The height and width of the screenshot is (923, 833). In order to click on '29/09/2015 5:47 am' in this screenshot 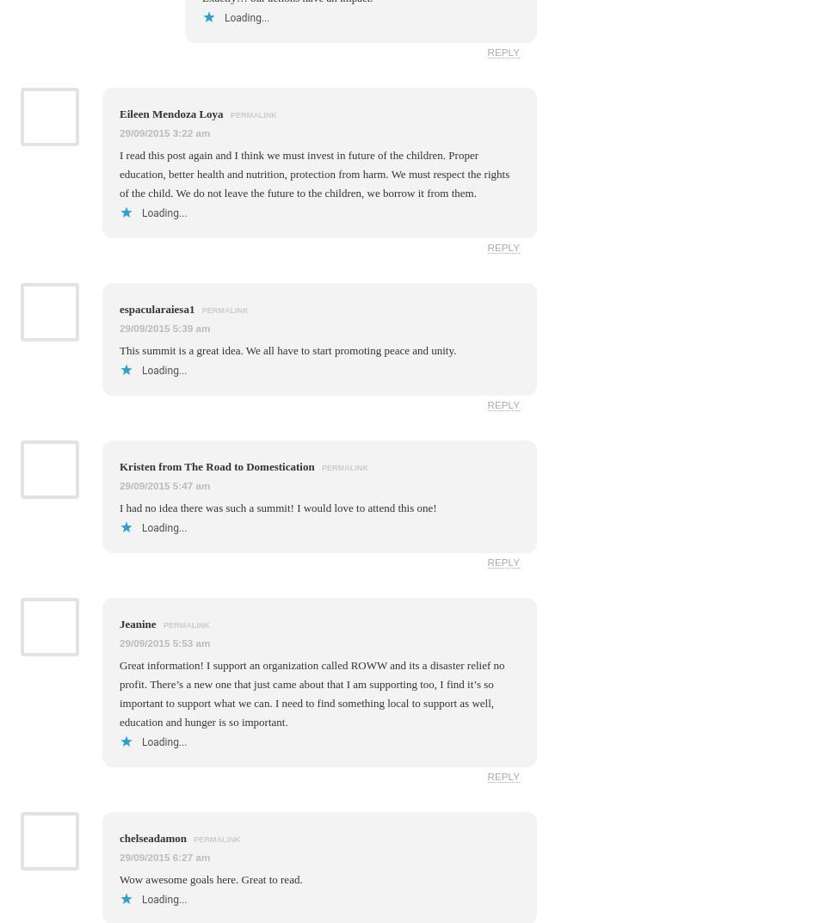, I will do `click(164, 484)`.